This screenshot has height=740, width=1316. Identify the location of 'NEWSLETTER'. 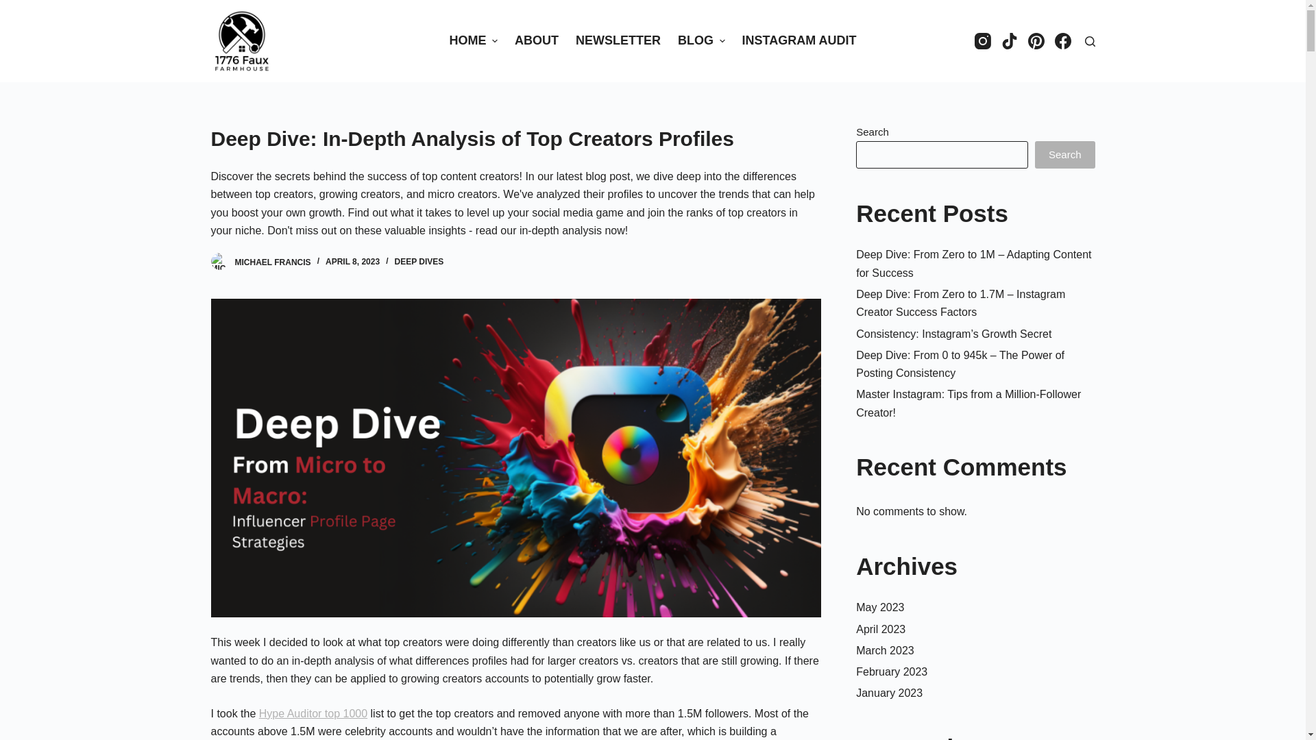
(568, 40).